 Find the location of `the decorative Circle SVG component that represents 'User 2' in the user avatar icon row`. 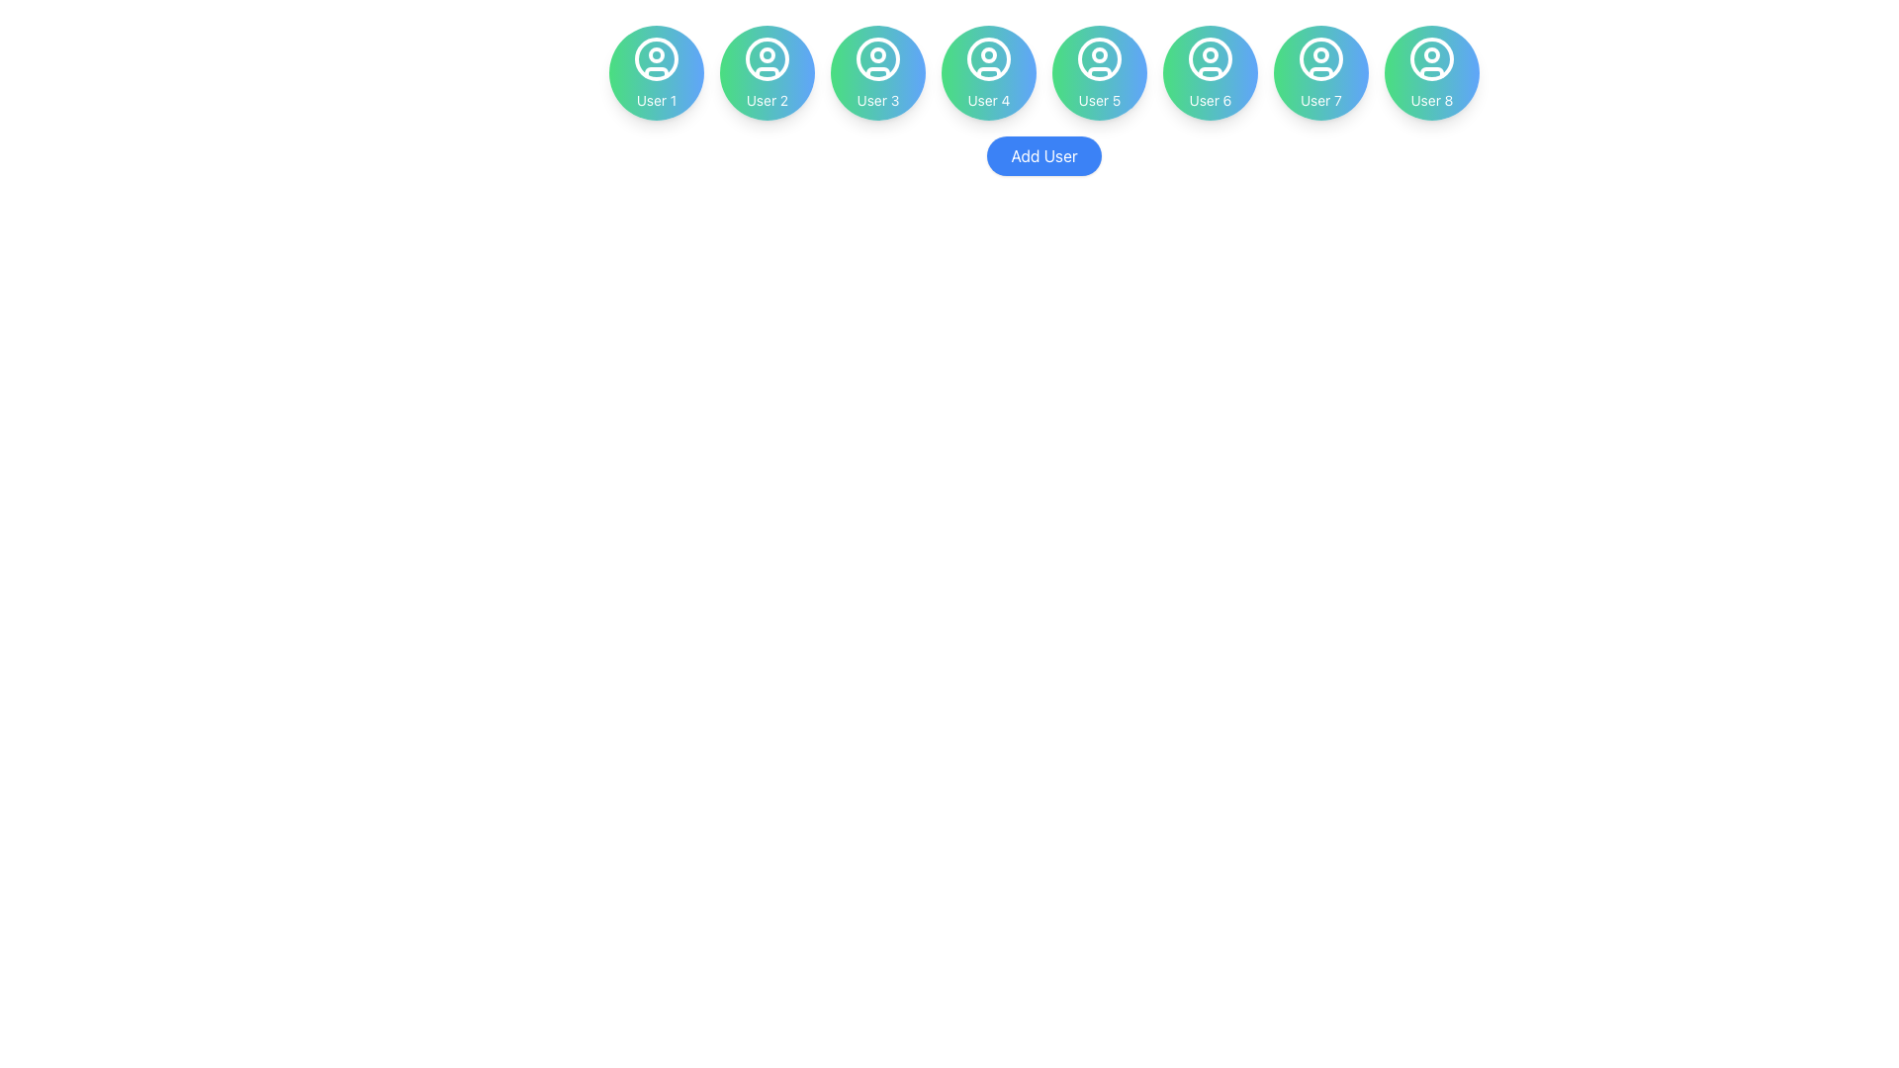

the decorative Circle SVG component that represents 'User 2' in the user avatar icon row is located at coordinates (767, 54).